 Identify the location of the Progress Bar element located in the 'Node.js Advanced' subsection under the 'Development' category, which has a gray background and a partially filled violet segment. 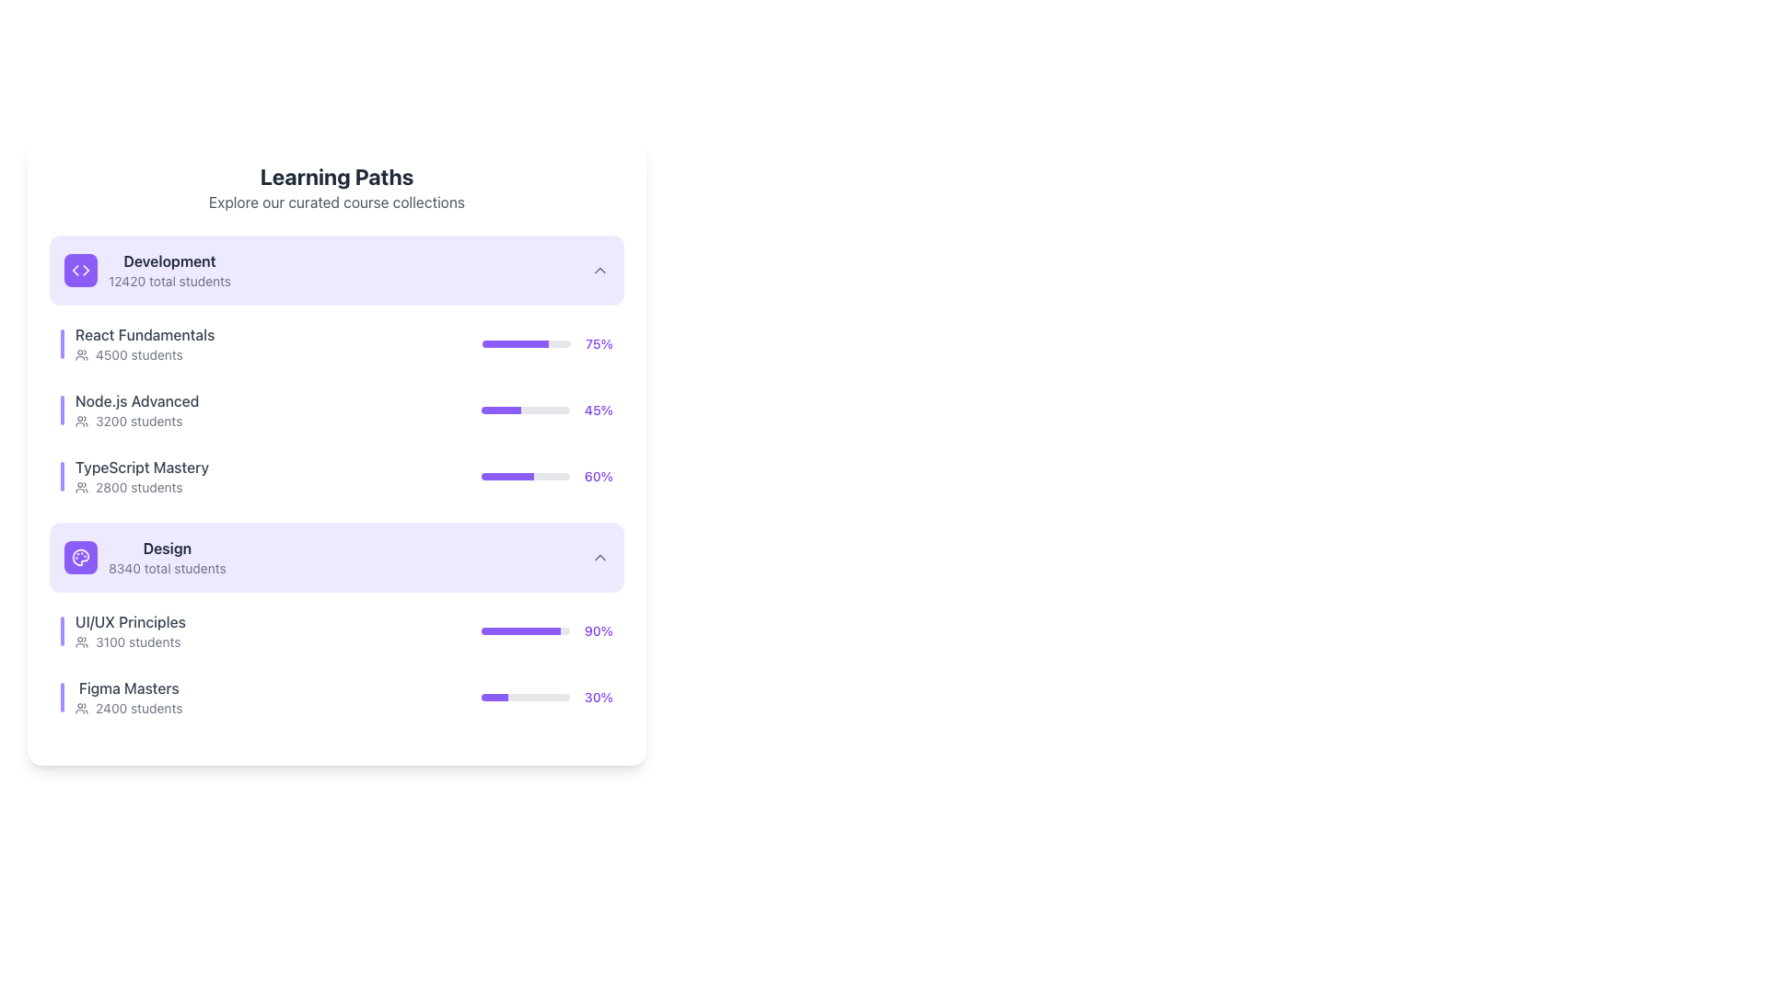
(524, 410).